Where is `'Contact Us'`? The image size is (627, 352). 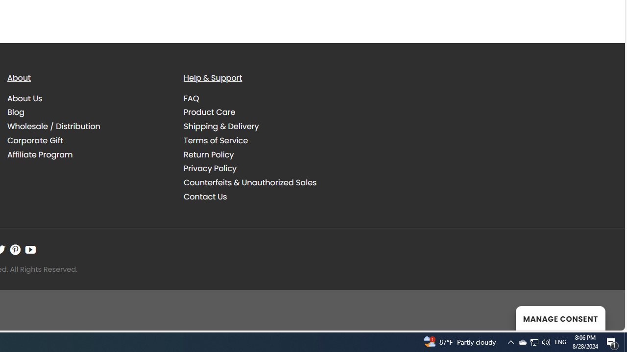
'Contact Us' is located at coordinates (205, 197).